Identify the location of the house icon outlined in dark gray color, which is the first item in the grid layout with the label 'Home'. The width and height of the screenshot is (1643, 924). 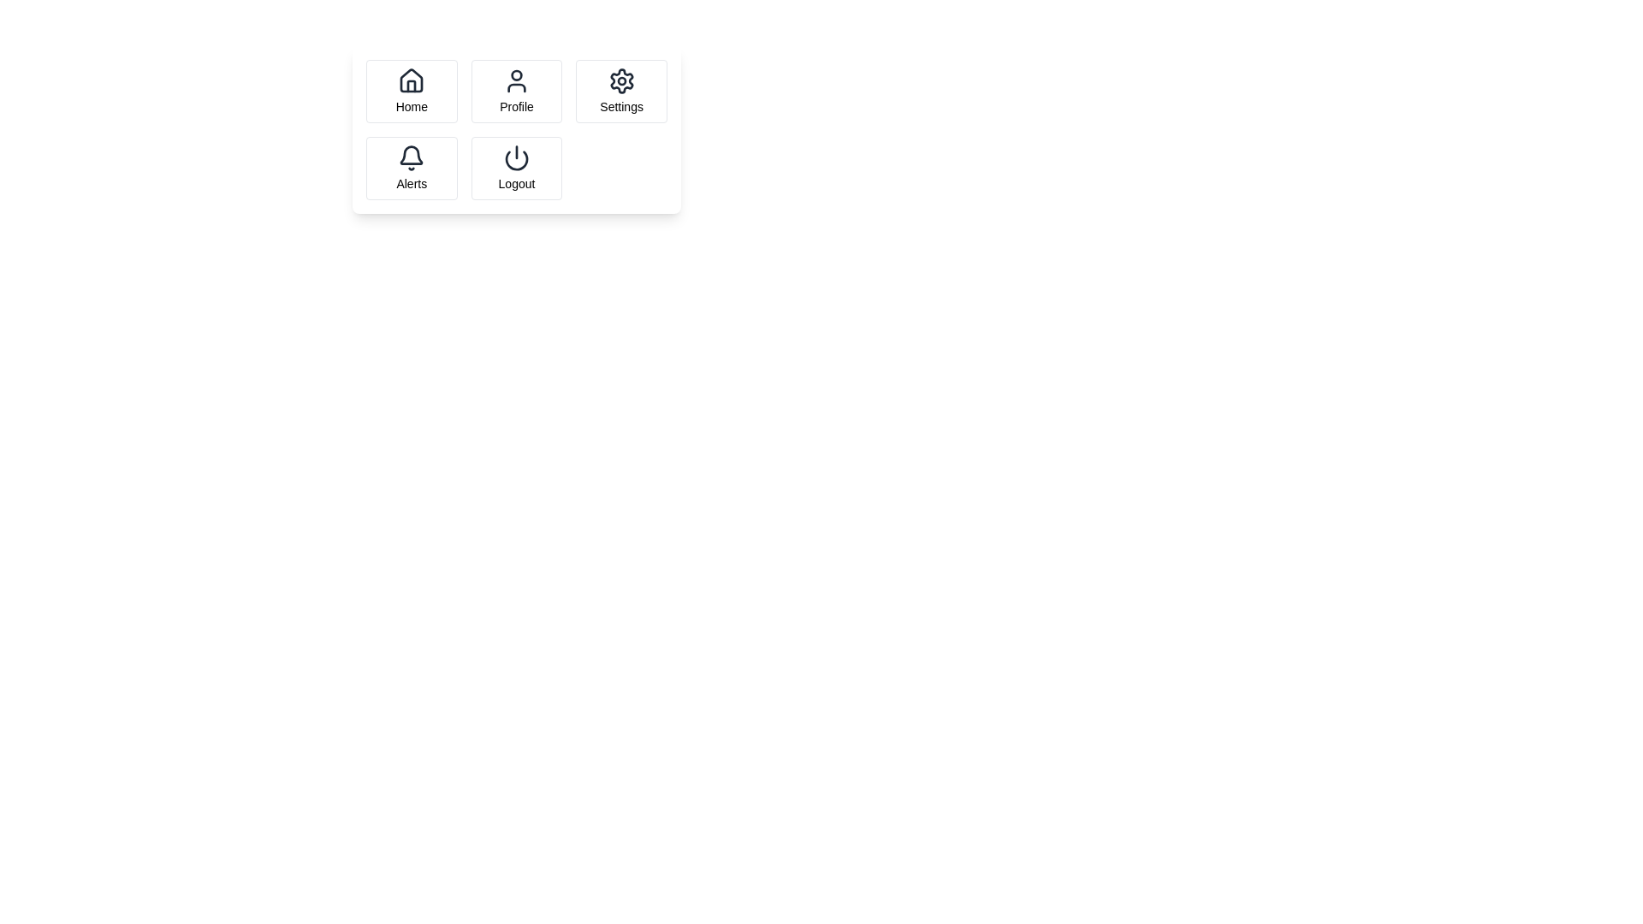
(412, 81).